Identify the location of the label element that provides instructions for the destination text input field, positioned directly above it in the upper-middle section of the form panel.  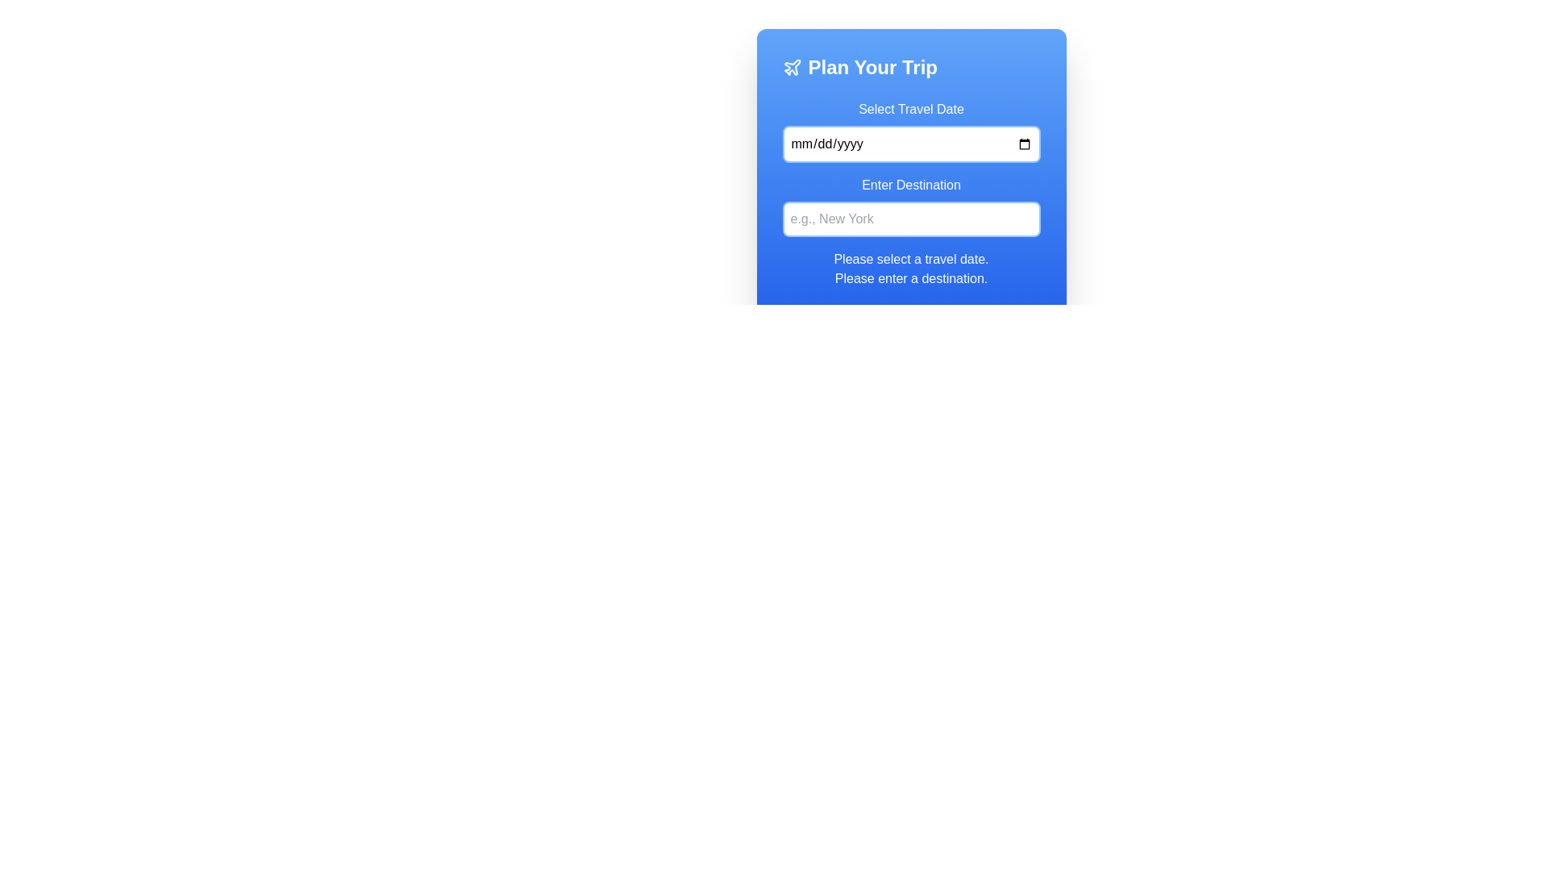
(911, 185).